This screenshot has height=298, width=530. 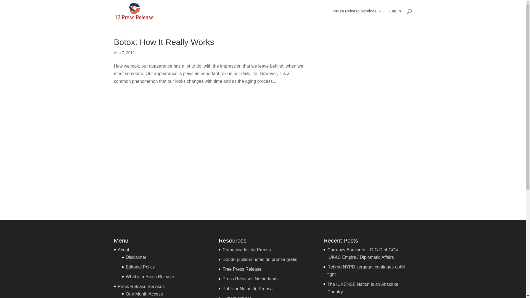 I want to click on 'Editorial Policy', so click(x=140, y=267).